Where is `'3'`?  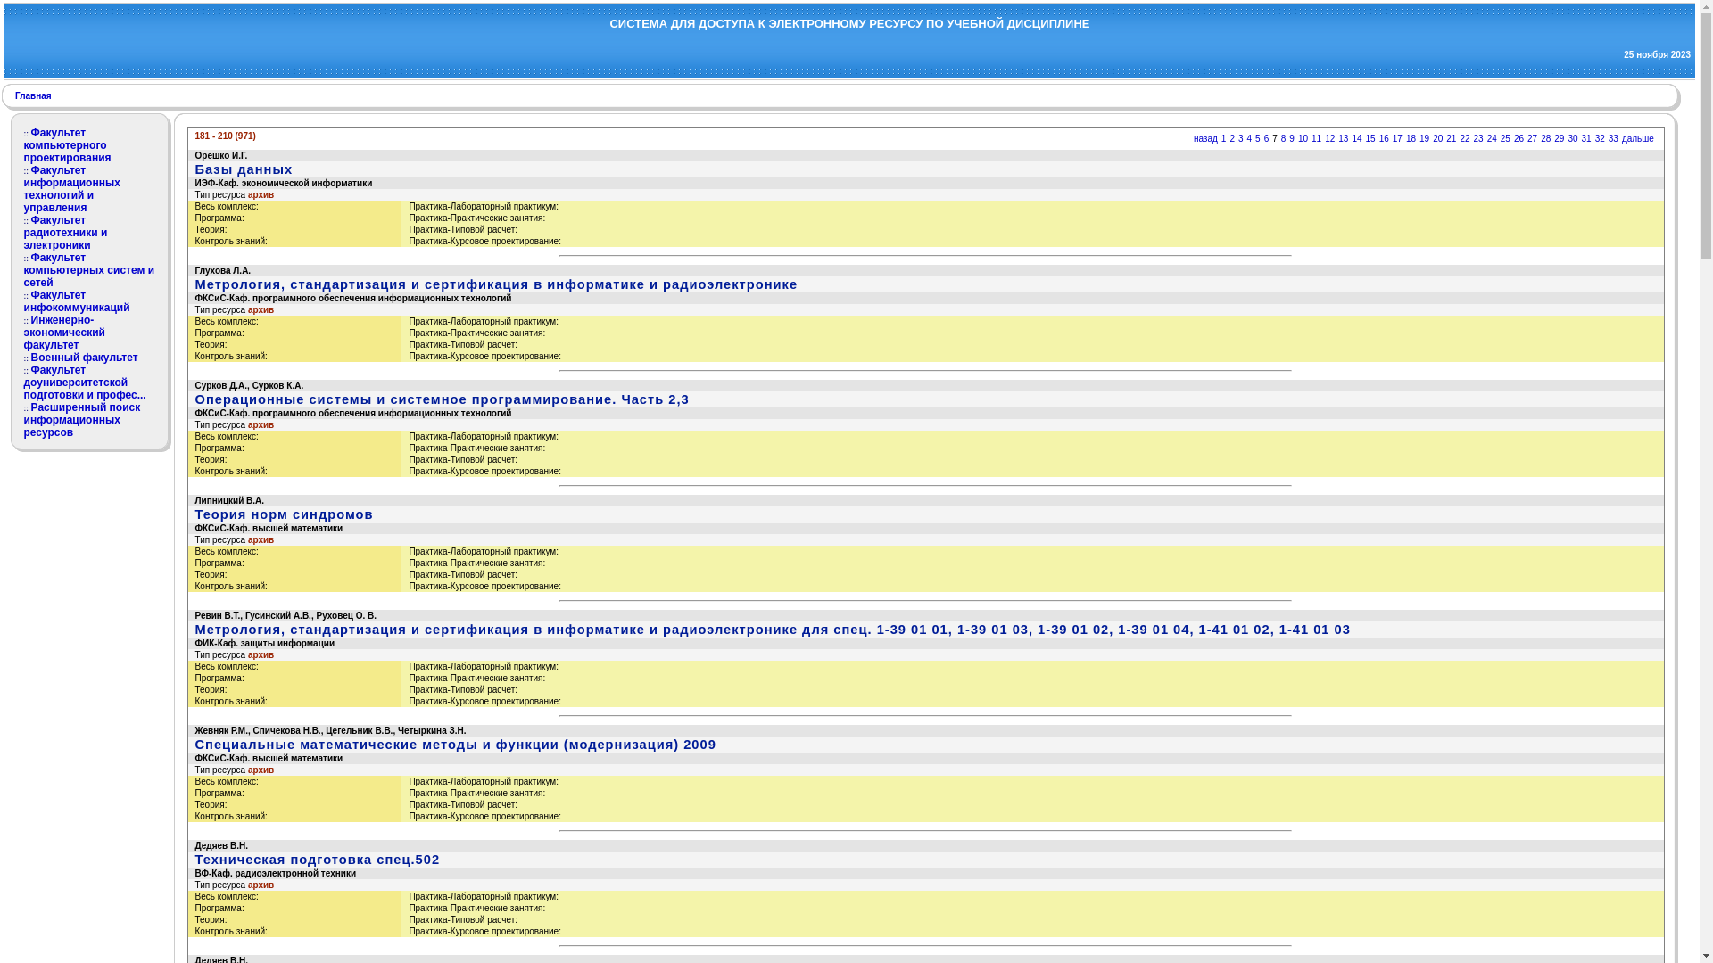 '3' is located at coordinates (1240, 137).